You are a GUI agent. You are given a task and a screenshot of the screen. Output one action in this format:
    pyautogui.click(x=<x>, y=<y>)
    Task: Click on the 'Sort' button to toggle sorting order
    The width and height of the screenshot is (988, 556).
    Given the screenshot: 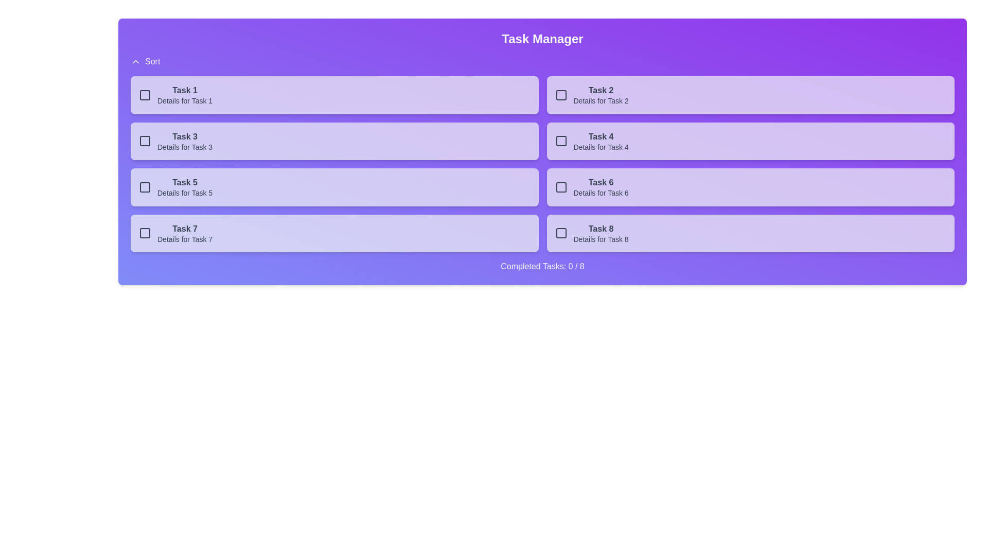 What is the action you would take?
    pyautogui.click(x=145, y=61)
    